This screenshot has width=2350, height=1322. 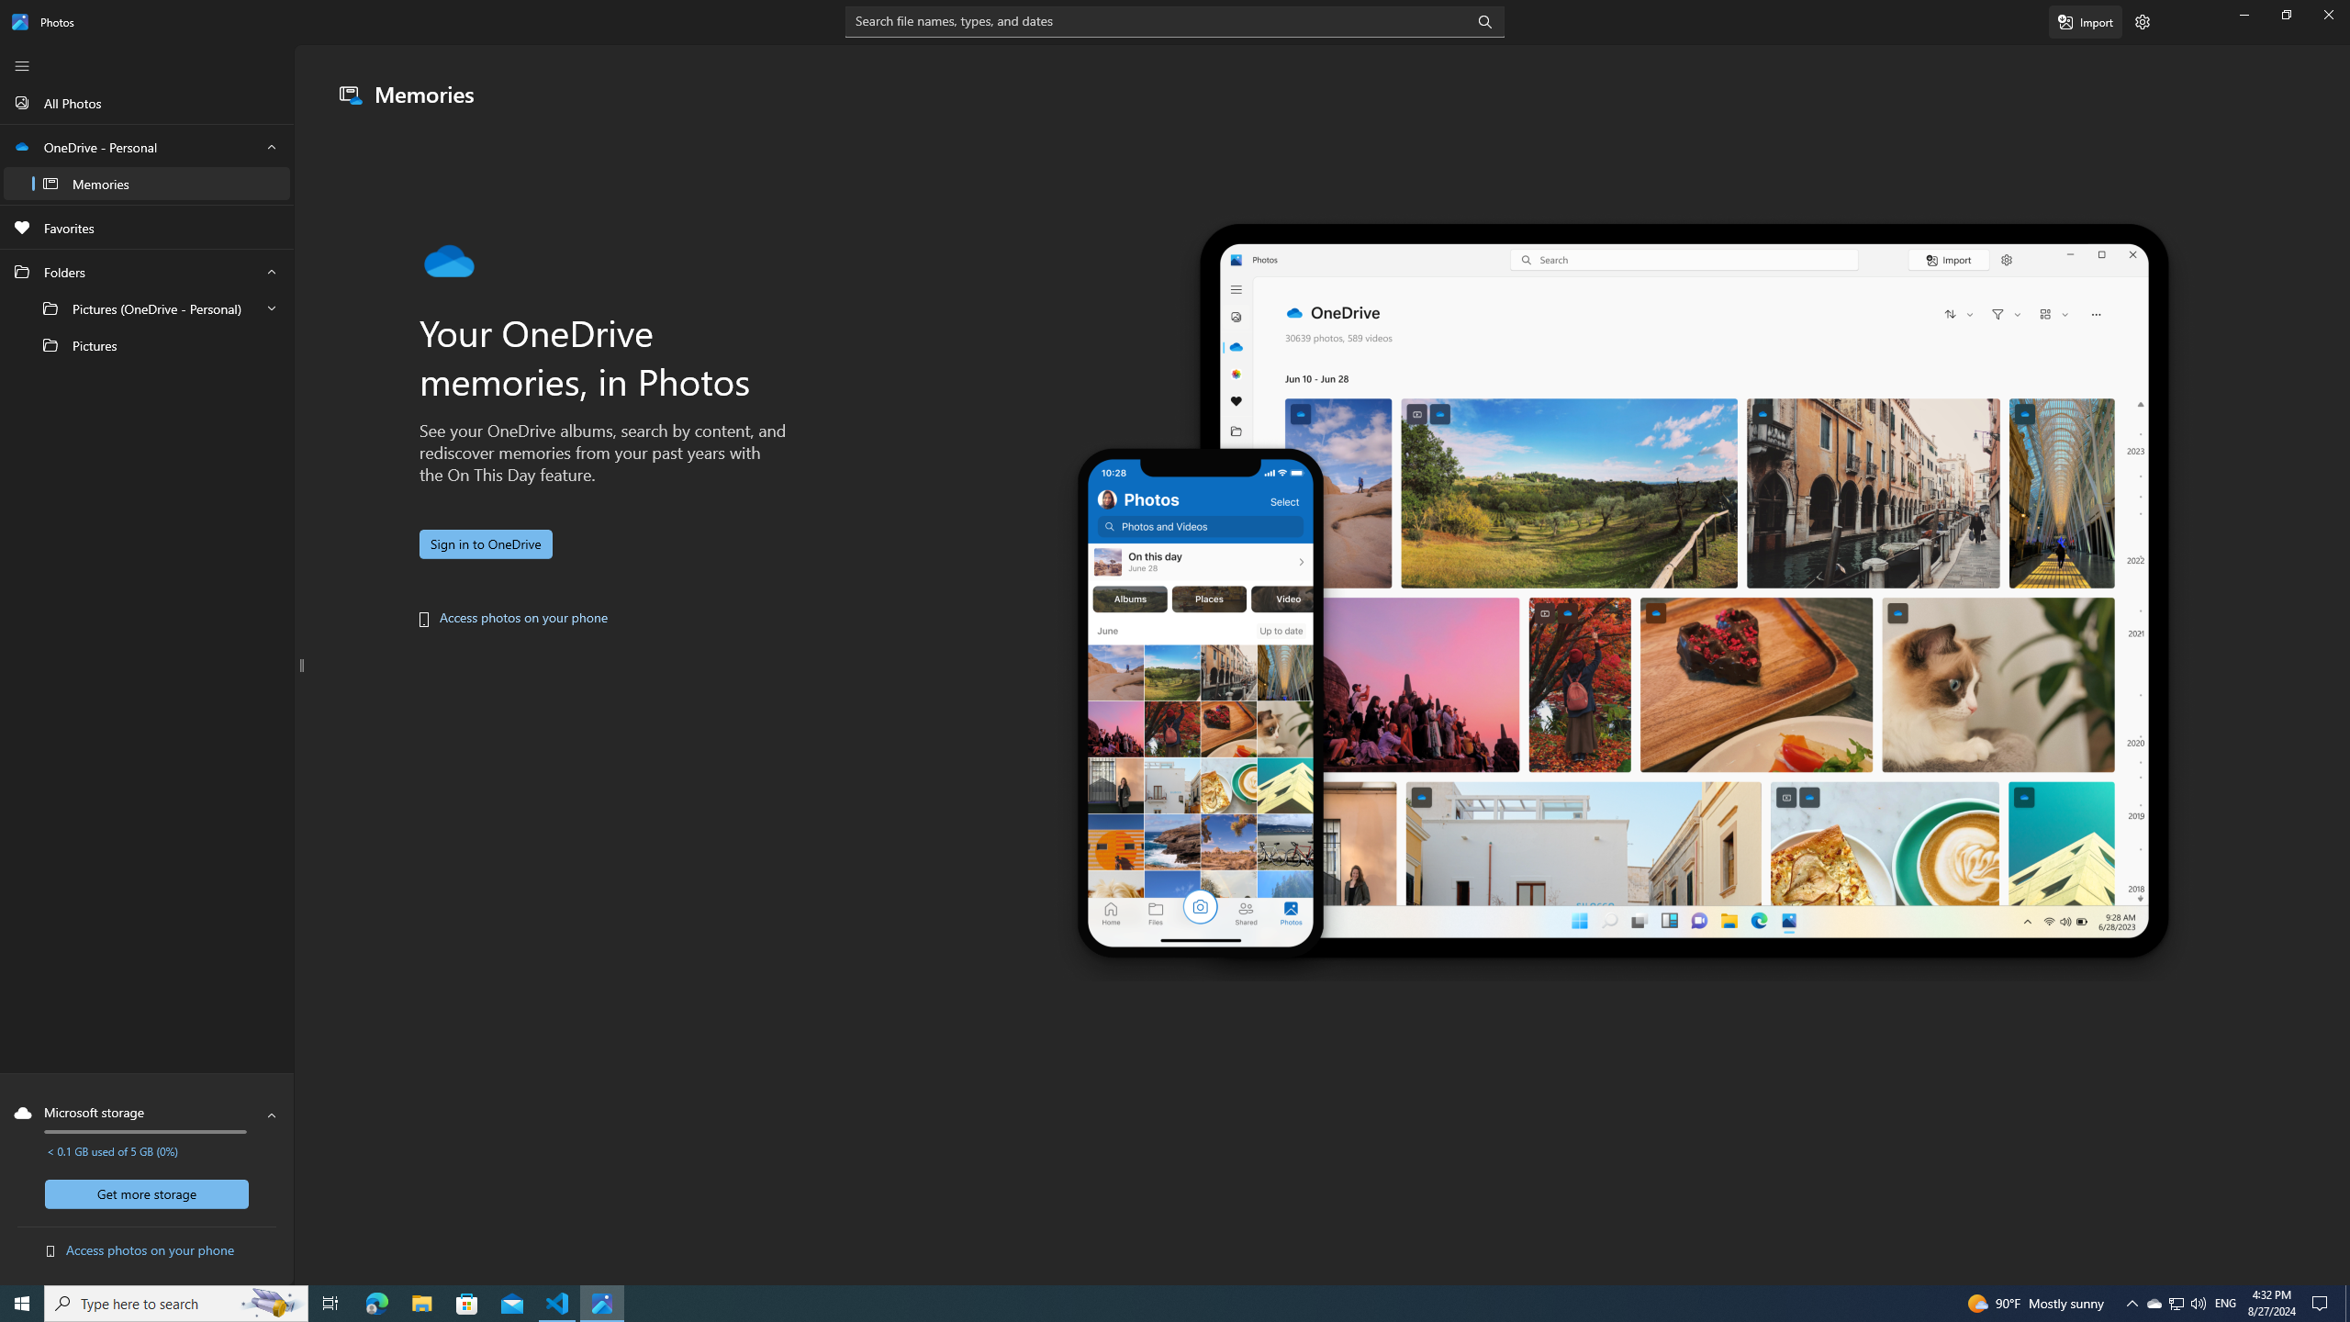 What do you see at coordinates (2175, 1302) in the screenshot?
I see `'User Promoted Notification Area'` at bounding box center [2175, 1302].